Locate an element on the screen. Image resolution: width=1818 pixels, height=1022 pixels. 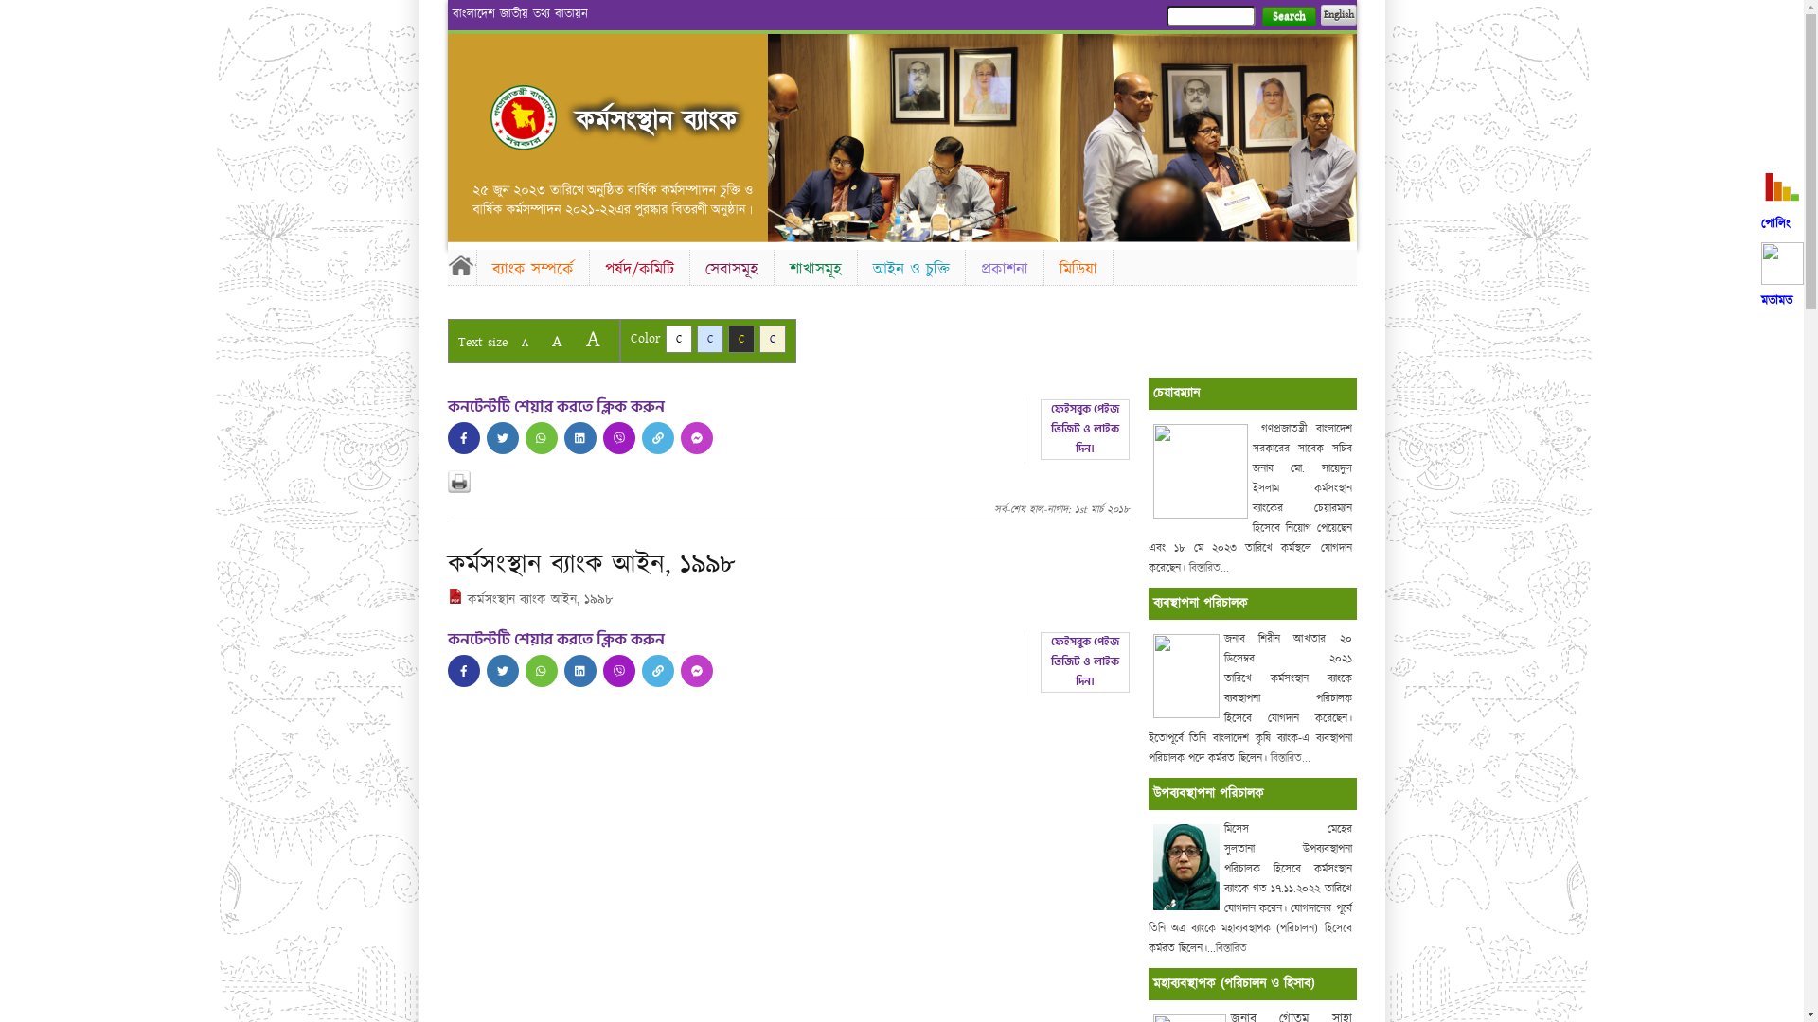
'A' is located at coordinates (555, 341).